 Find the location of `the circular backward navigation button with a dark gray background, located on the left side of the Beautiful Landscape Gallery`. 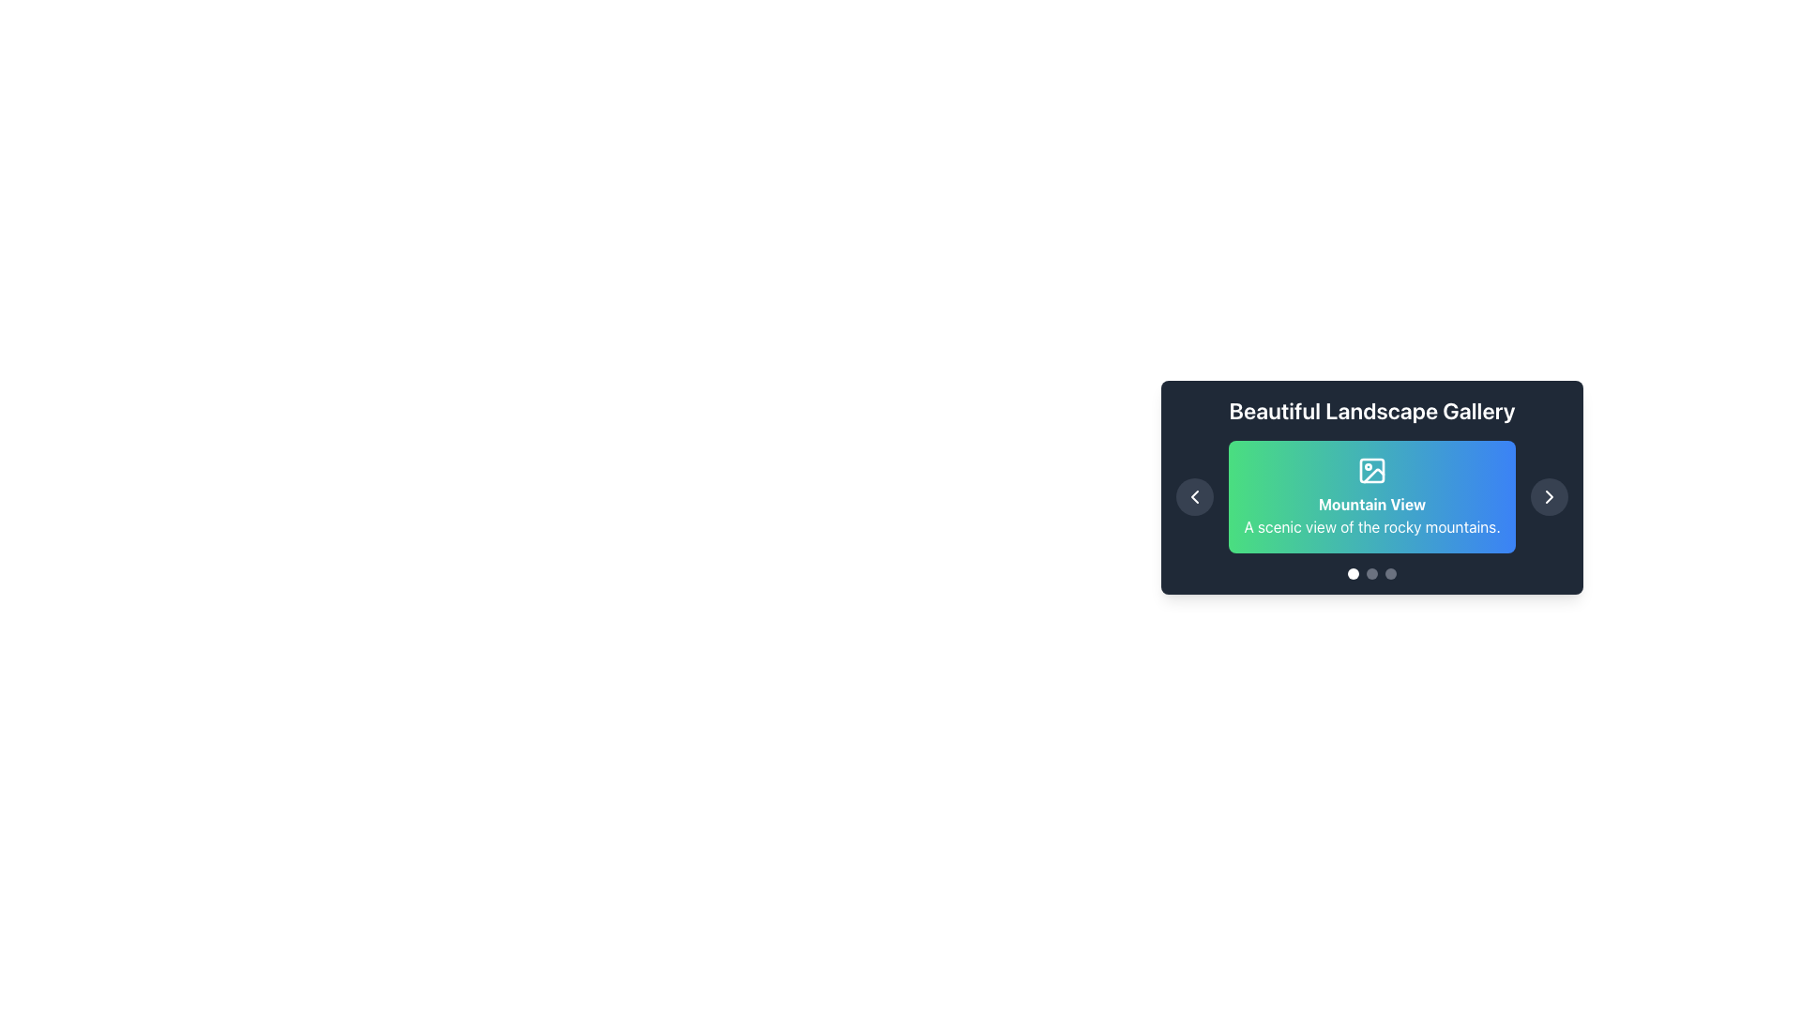

the circular backward navigation button with a dark gray background, located on the left side of the Beautiful Landscape Gallery is located at coordinates (1193, 495).